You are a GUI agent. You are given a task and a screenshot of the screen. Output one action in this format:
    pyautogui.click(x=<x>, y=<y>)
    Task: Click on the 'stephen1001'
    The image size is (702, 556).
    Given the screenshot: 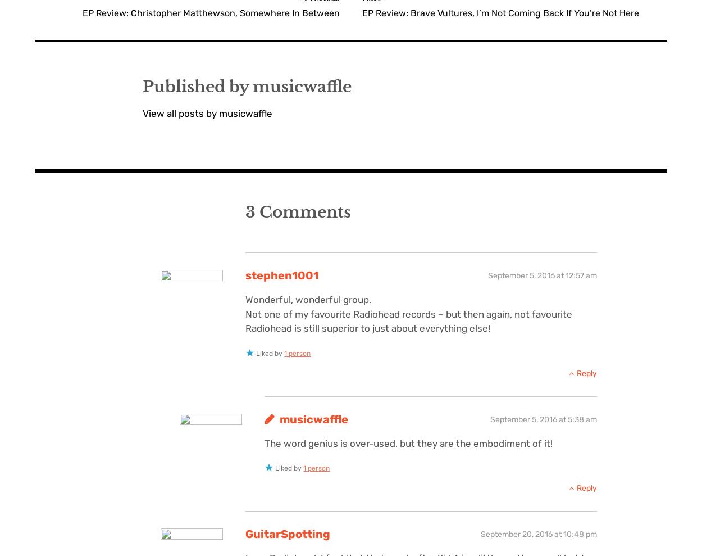 What is the action you would take?
    pyautogui.click(x=282, y=274)
    